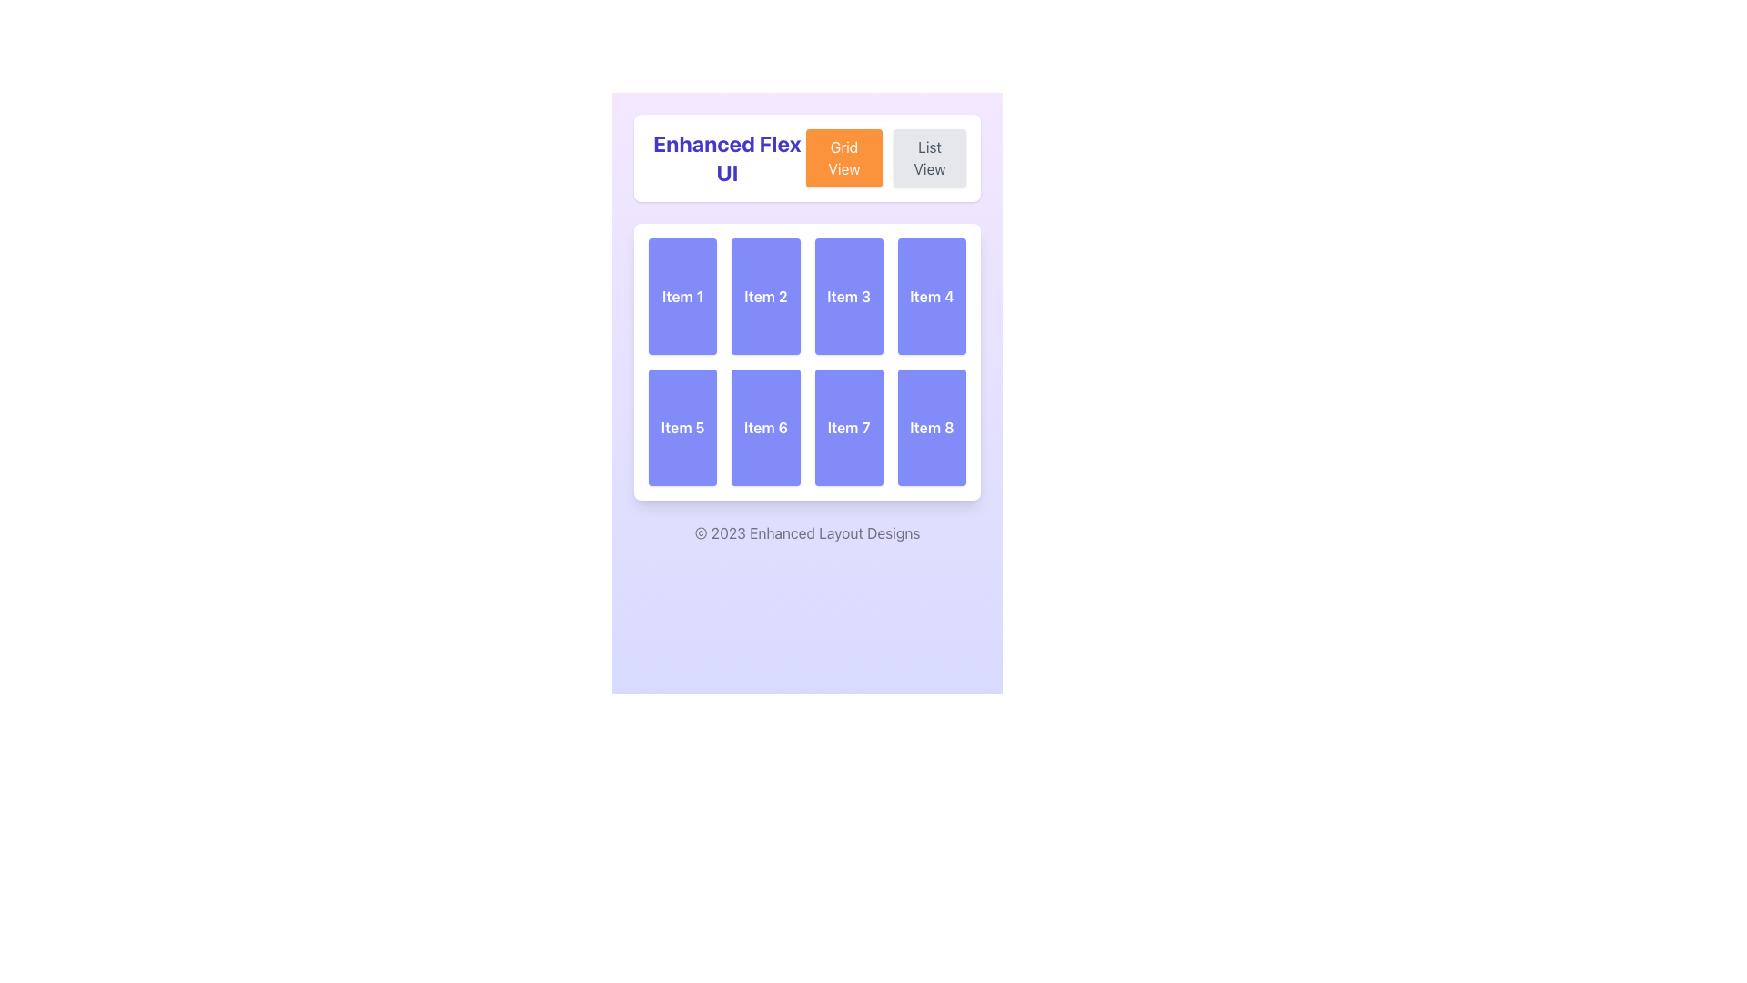 The height and width of the screenshot is (983, 1747). Describe the element at coordinates (682, 296) in the screenshot. I see `the blue button labeled 'Item 1' with white bold text` at that location.